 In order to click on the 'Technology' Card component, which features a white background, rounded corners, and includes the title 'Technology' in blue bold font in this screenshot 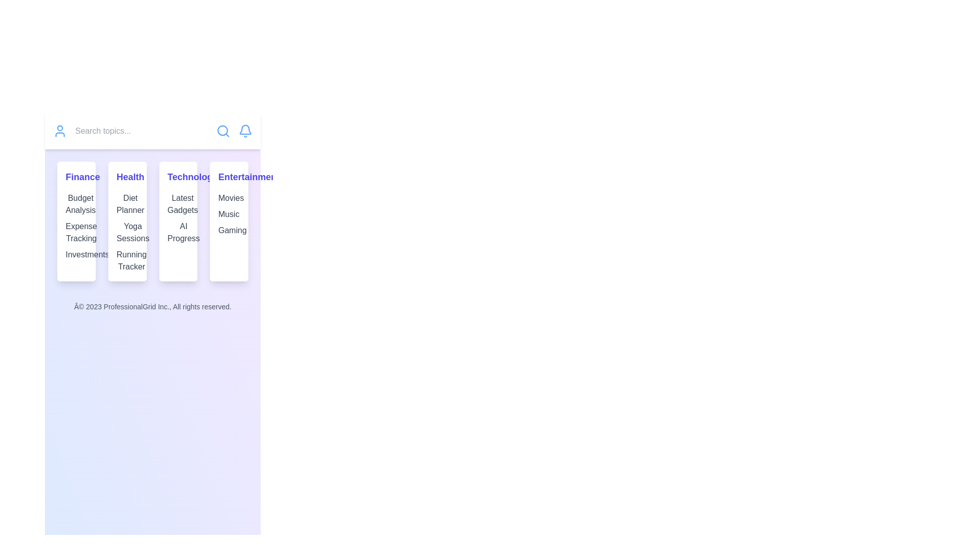, I will do `click(178, 221)`.